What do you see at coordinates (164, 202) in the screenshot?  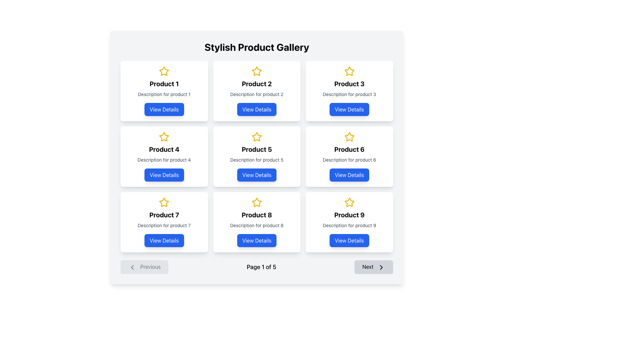 I see `the star icon representing the rating or favorites for 'Product 7' located in the first column of the third row of the product grid` at bounding box center [164, 202].